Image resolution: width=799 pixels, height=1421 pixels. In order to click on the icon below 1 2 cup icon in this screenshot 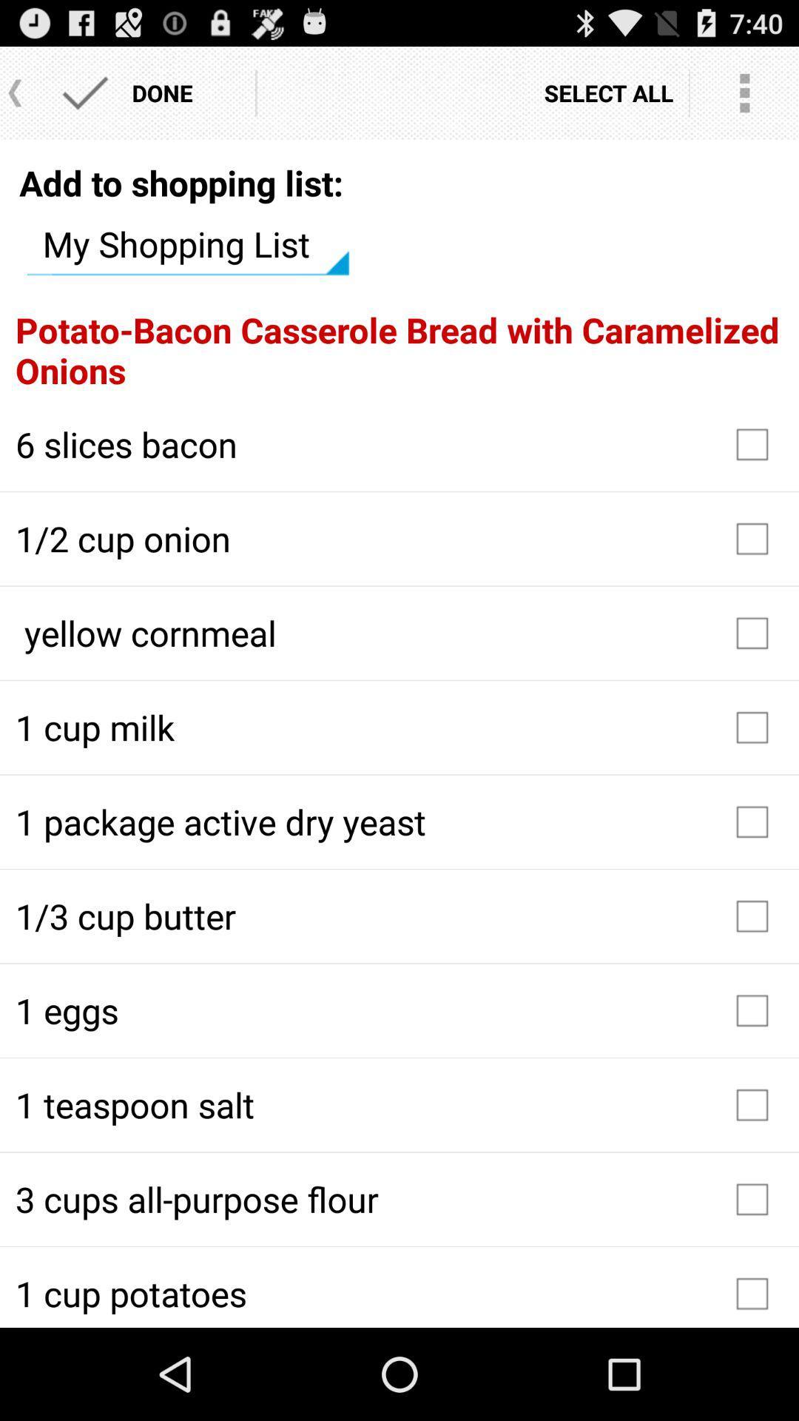, I will do `click(399, 633)`.